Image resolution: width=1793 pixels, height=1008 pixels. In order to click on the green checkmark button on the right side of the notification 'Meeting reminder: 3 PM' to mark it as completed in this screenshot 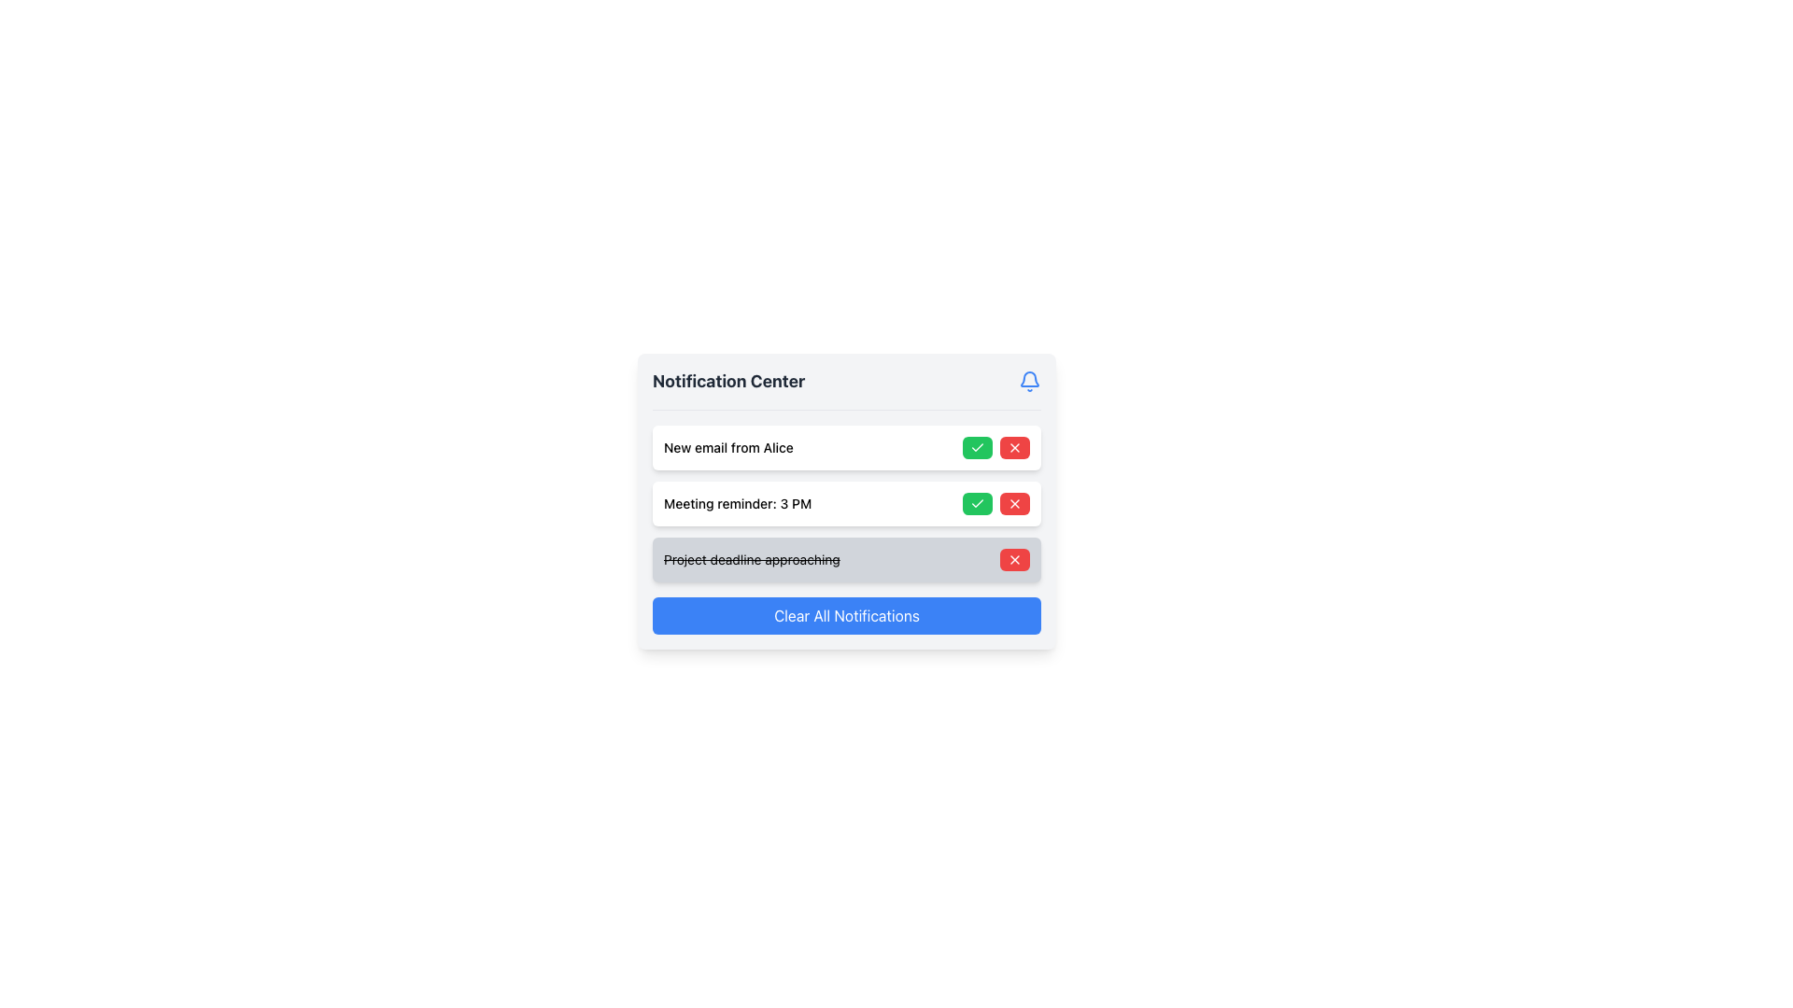, I will do `click(846, 504)`.